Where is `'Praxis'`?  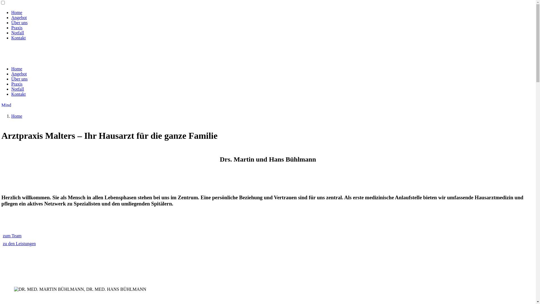 'Praxis' is located at coordinates (17, 84).